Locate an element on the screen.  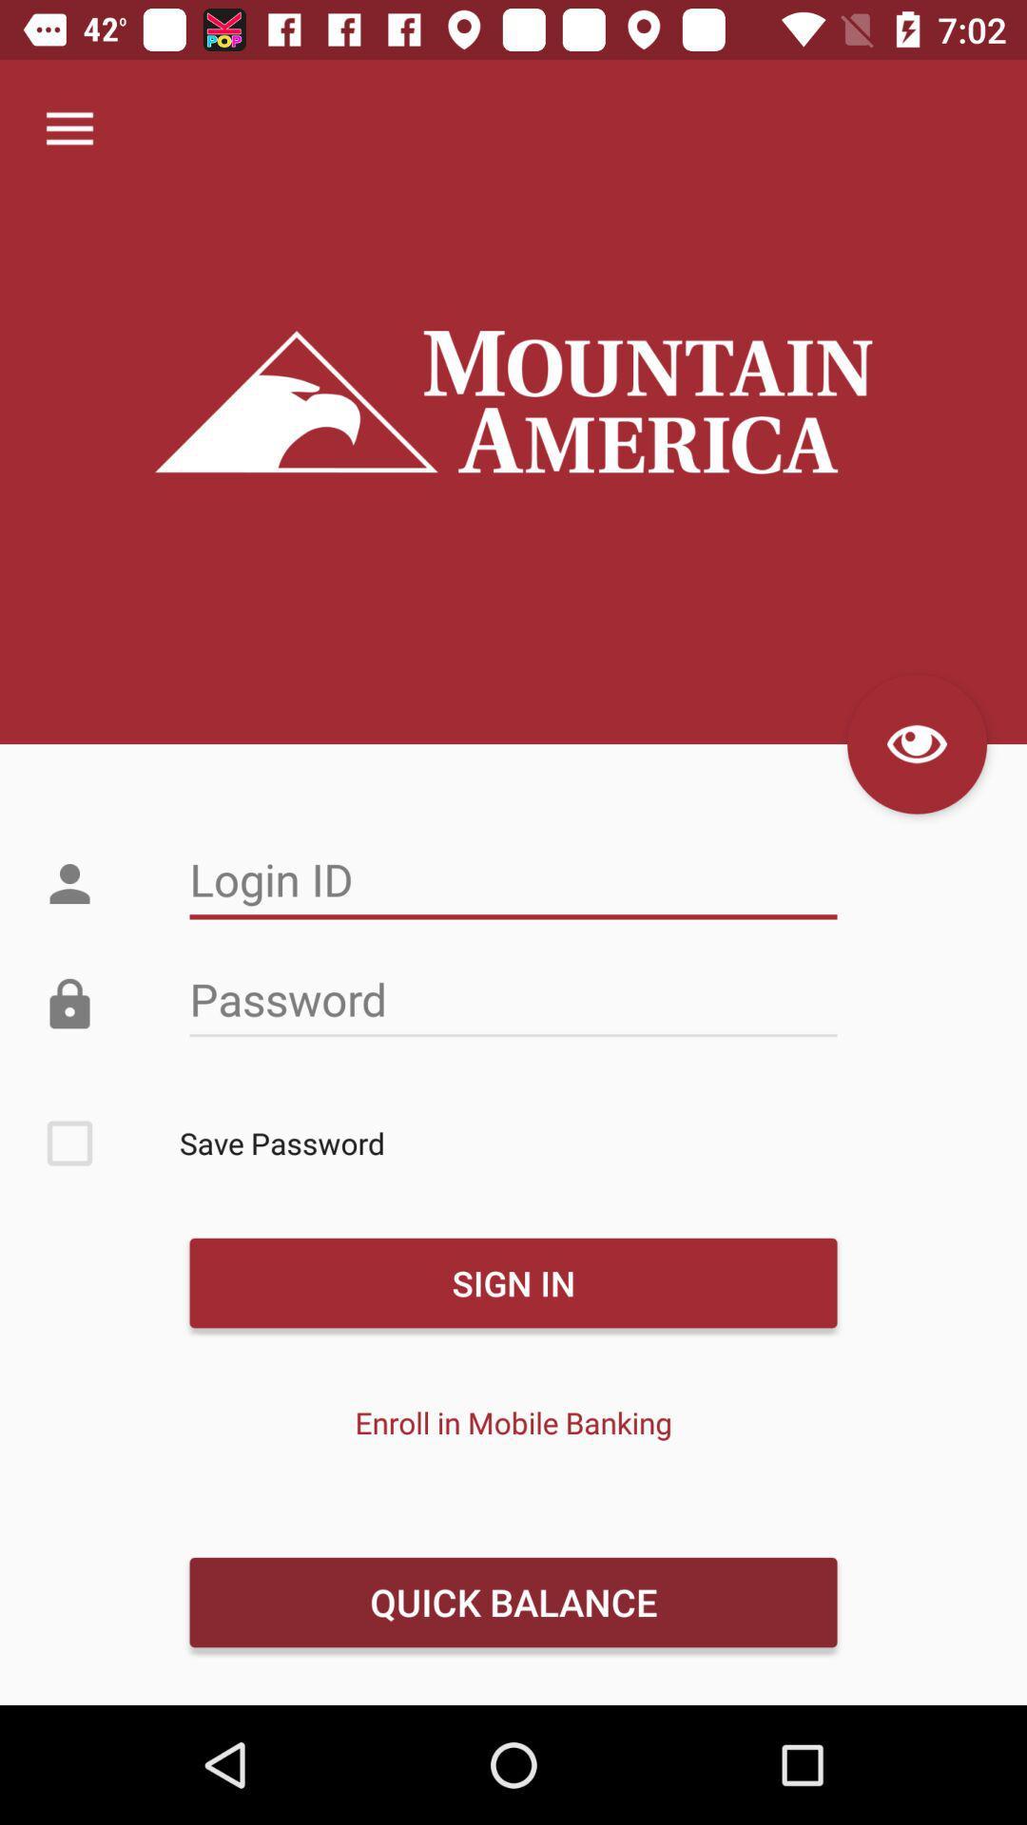
item below the sign in icon is located at coordinates (513, 1422).